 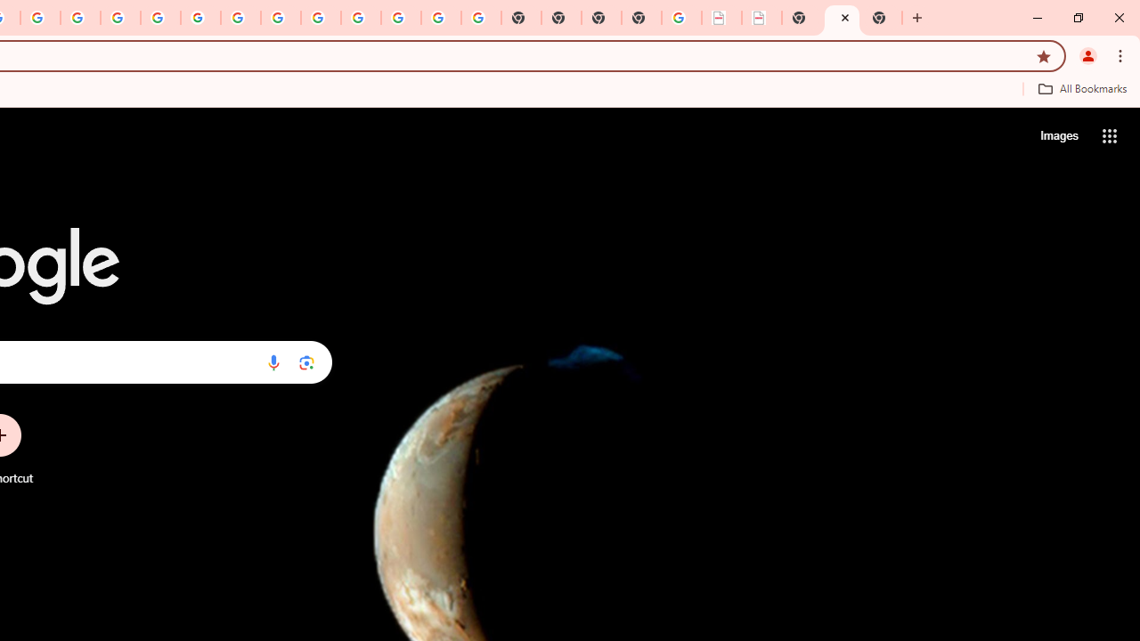 I want to click on 'Search by voice', so click(x=273, y=361).